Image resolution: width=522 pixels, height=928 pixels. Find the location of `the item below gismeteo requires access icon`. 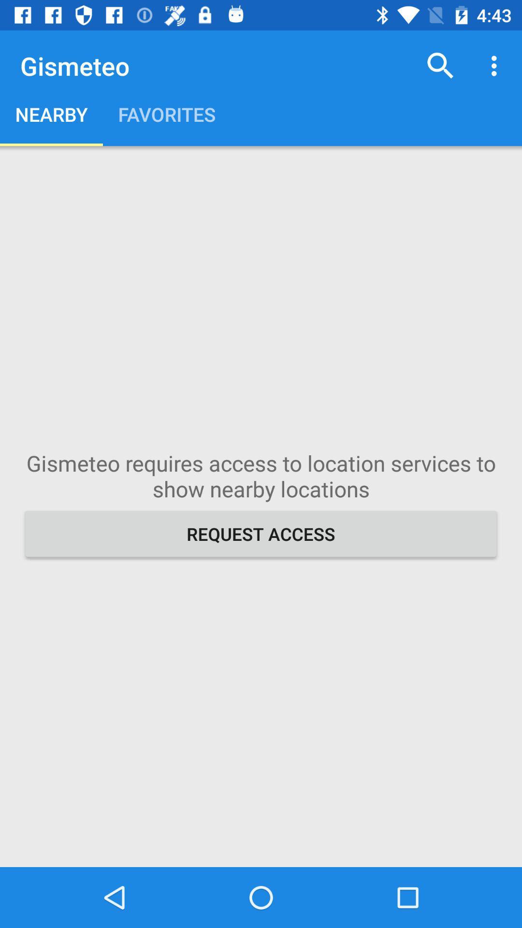

the item below gismeteo requires access icon is located at coordinates (261, 533).